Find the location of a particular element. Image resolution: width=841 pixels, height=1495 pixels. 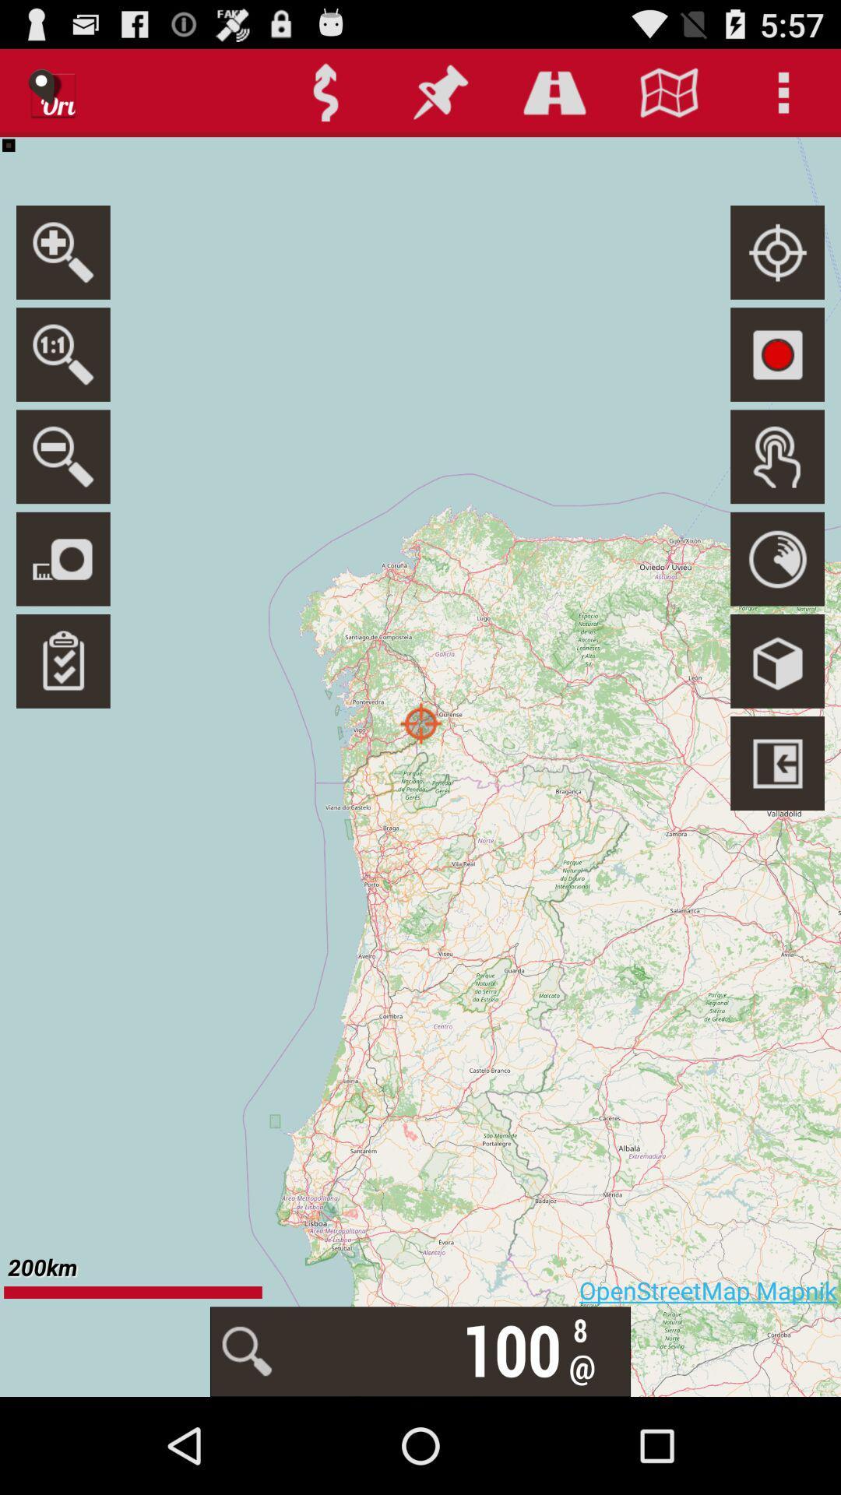

the avatar icon is located at coordinates (777, 488).